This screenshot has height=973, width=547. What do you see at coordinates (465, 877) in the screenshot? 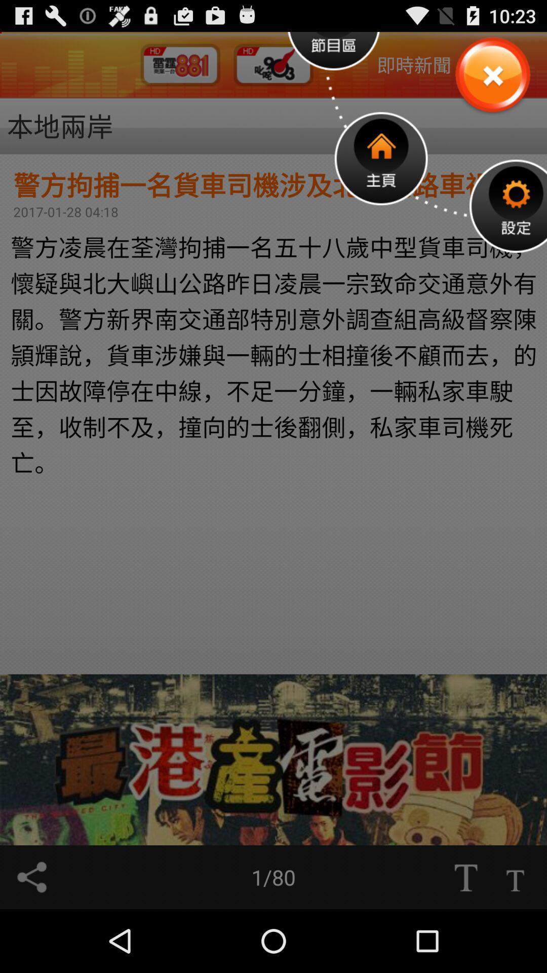
I see `choose bigger font size` at bounding box center [465, 877].